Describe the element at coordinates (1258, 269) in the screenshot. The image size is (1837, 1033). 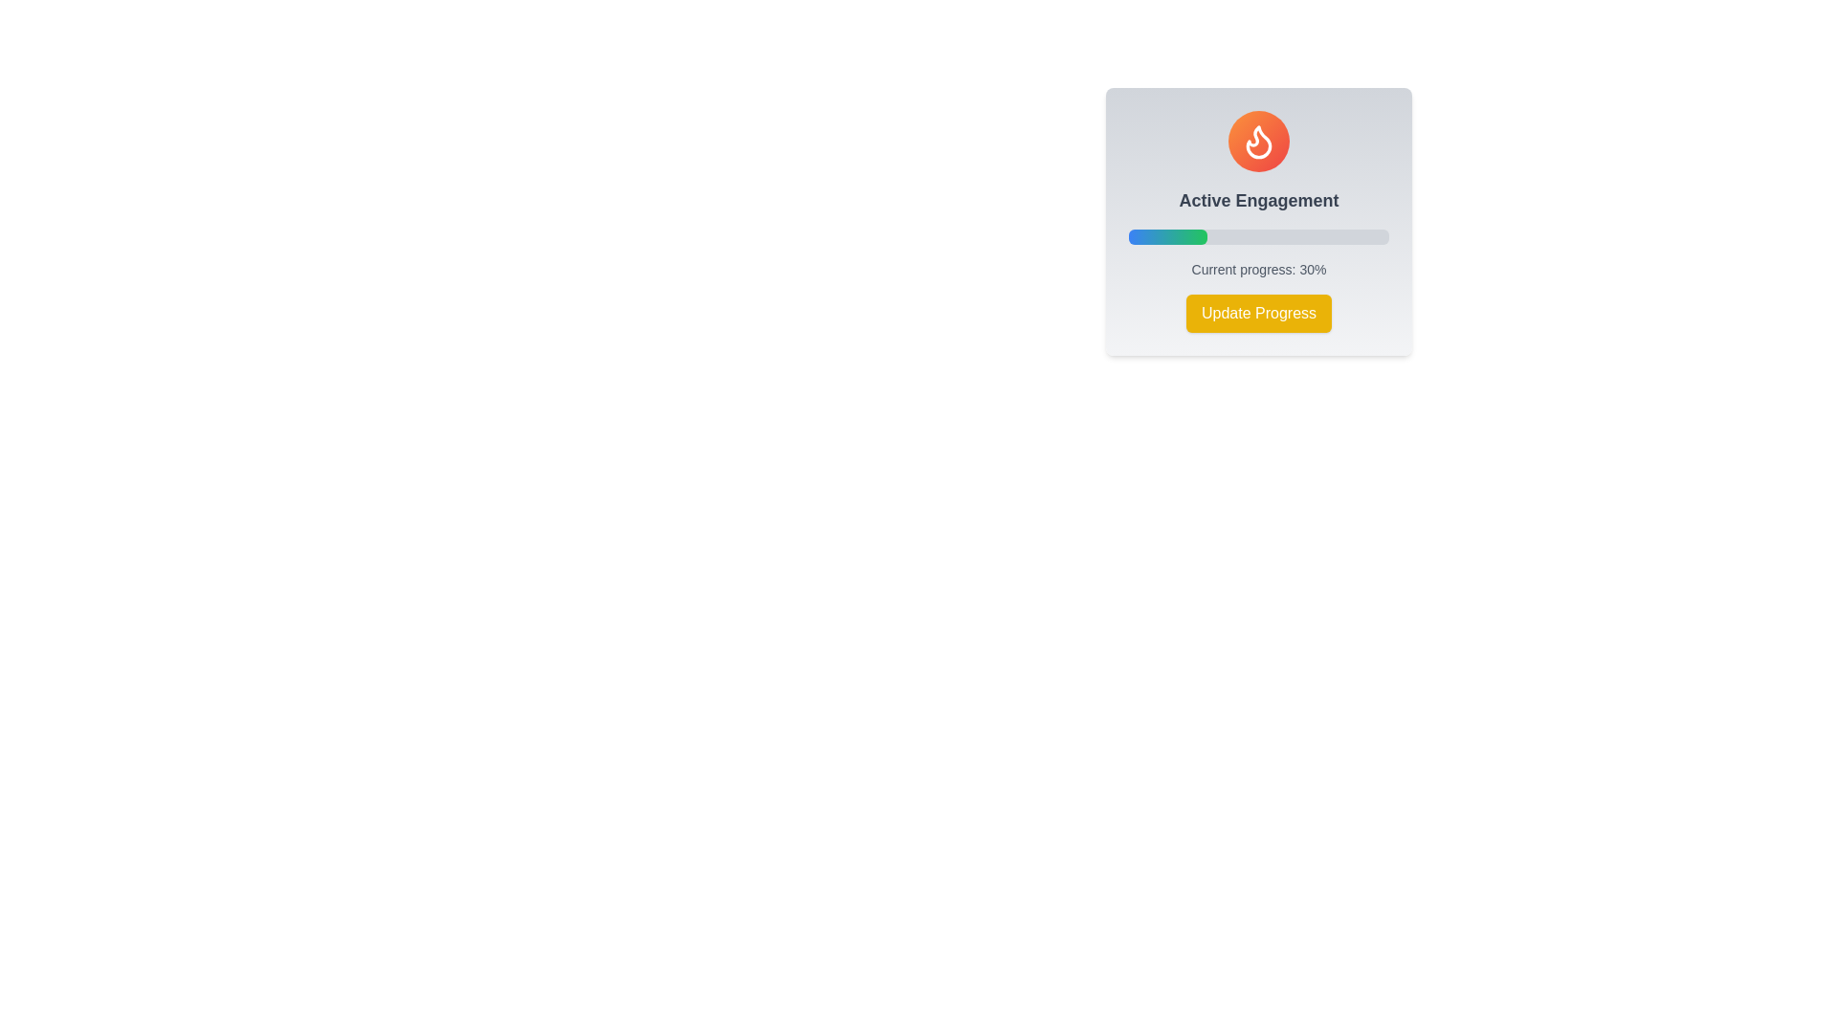
I see `the Text label that displays the current progress percentage, which is located below the progress bar and above the yellow 'Update Progress' button` at that location.